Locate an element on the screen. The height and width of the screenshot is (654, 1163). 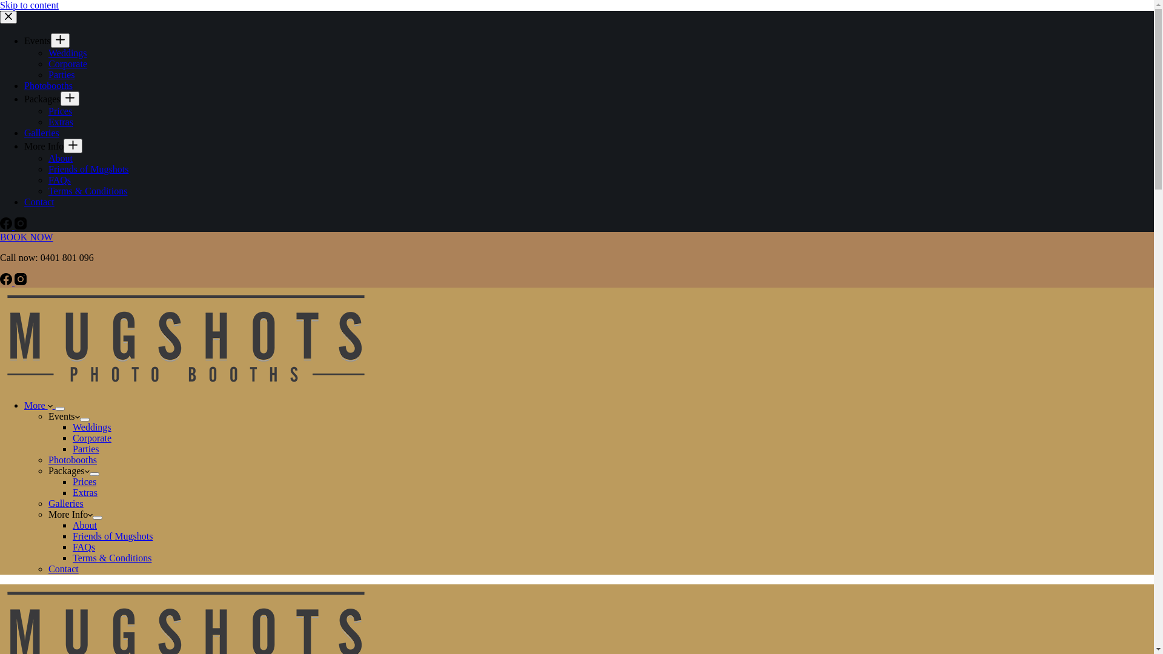
'Corporate' is located at coordinates (48, 64).